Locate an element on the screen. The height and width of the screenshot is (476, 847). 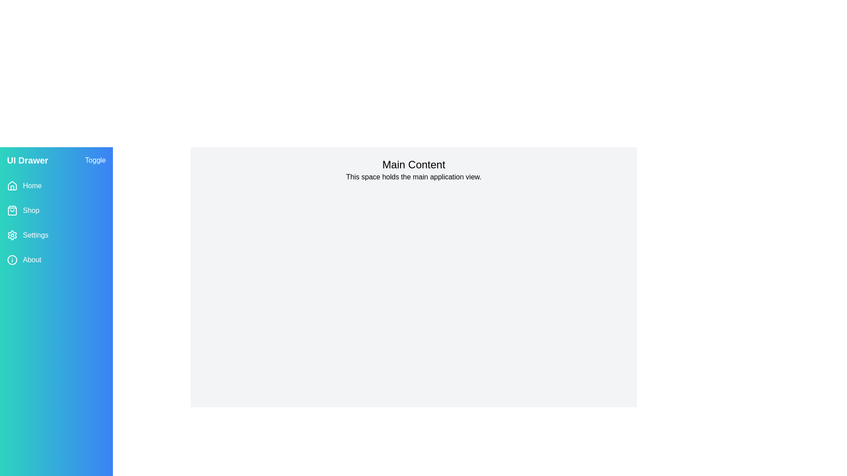
the menu item Shop from the drawer is located at coordinates (56, 211).